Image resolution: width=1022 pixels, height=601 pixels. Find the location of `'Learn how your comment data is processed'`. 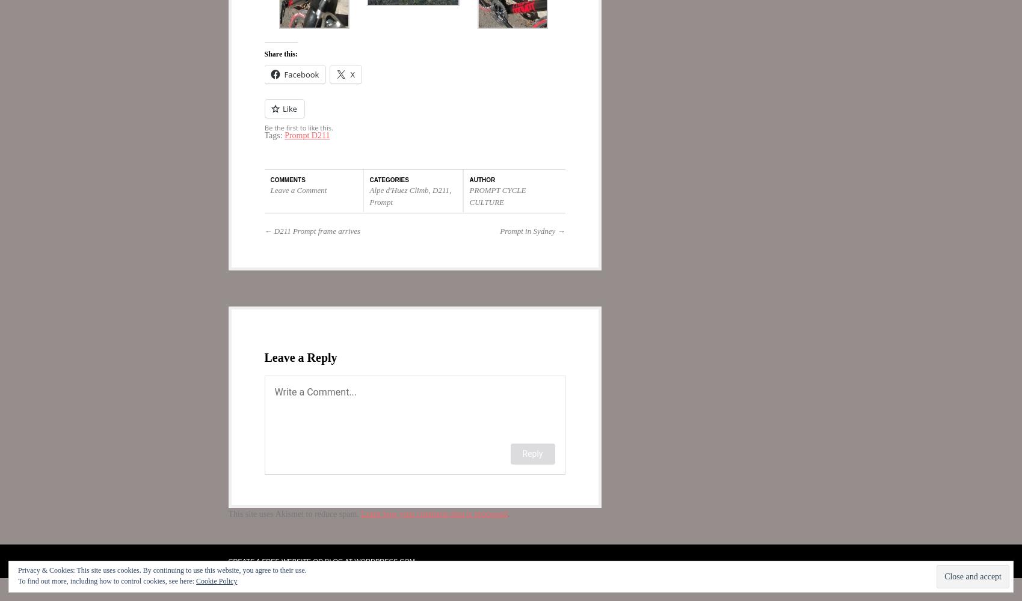

'Learn how your comment data is processed' is located at coordinates (360, 513).